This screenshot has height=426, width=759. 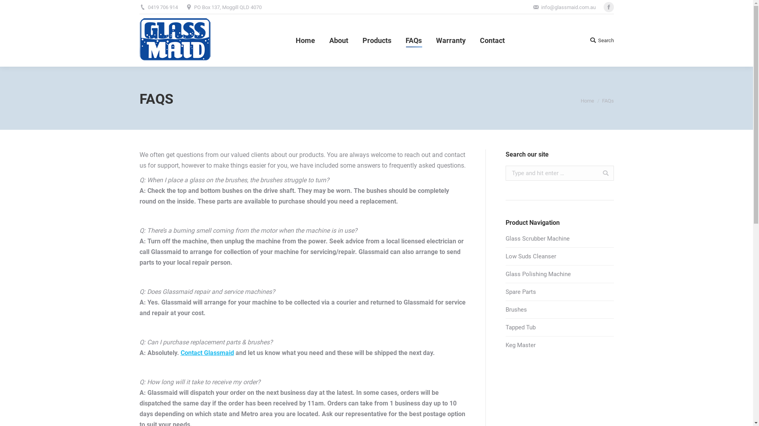 I want to click on 'Warranty', so click(x=450, y=40).